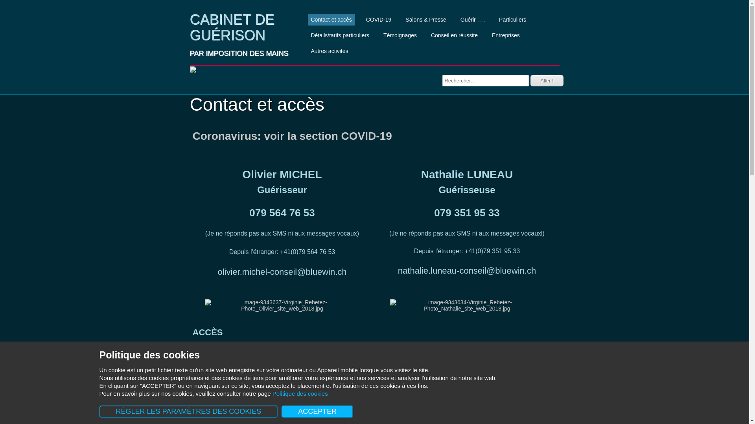 This screenshot has height=424, width=755. I want to click on 'Politique des cookies', so click(300, 393).